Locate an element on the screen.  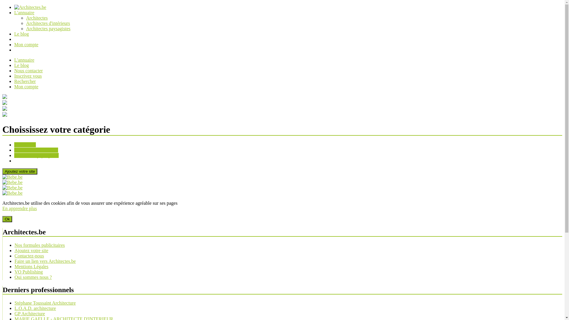
'Contactez-nous' is located at coordinates (29, 255).